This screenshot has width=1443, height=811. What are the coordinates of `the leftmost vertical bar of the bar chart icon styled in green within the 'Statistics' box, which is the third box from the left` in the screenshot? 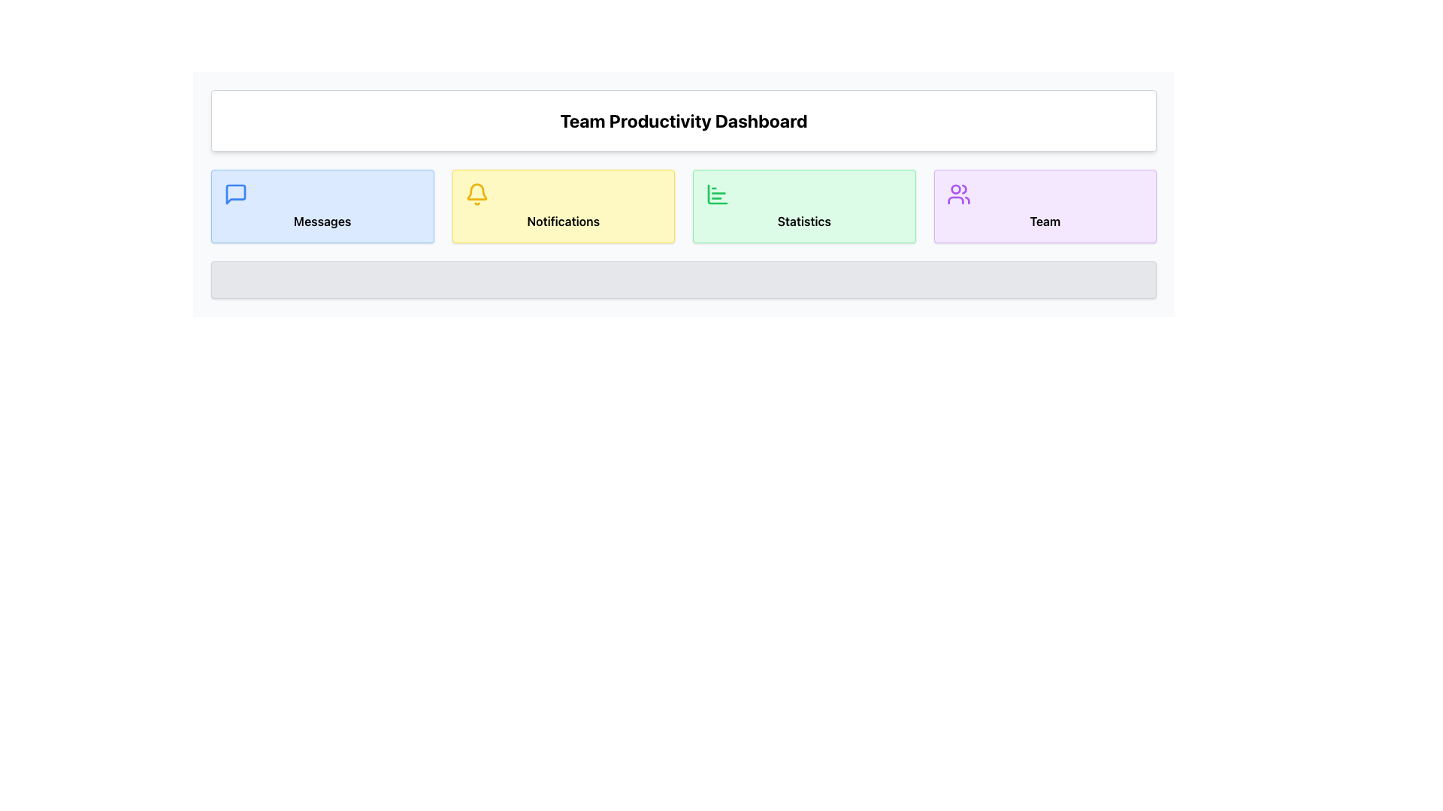 It's located at (717, 193).